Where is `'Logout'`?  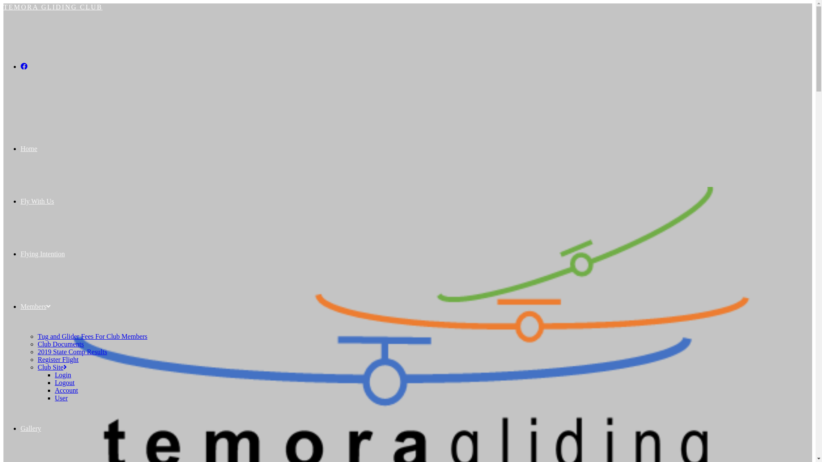 'Logout' is located at coordinates (64, 382).